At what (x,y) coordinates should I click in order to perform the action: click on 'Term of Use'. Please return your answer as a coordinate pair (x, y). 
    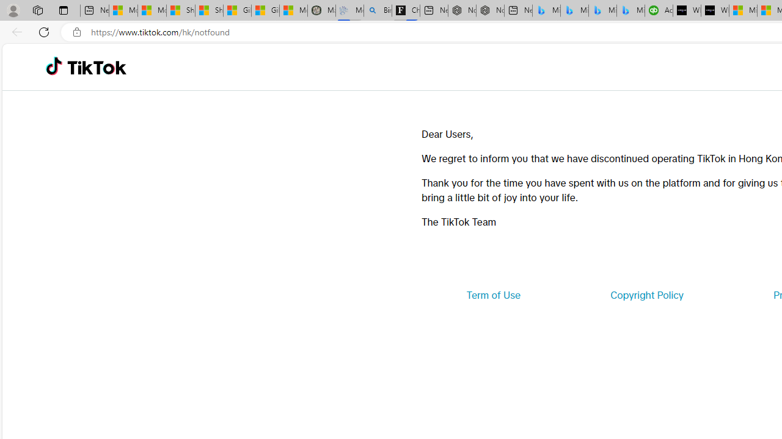
    Looking at the image, I should click on (493, 295).